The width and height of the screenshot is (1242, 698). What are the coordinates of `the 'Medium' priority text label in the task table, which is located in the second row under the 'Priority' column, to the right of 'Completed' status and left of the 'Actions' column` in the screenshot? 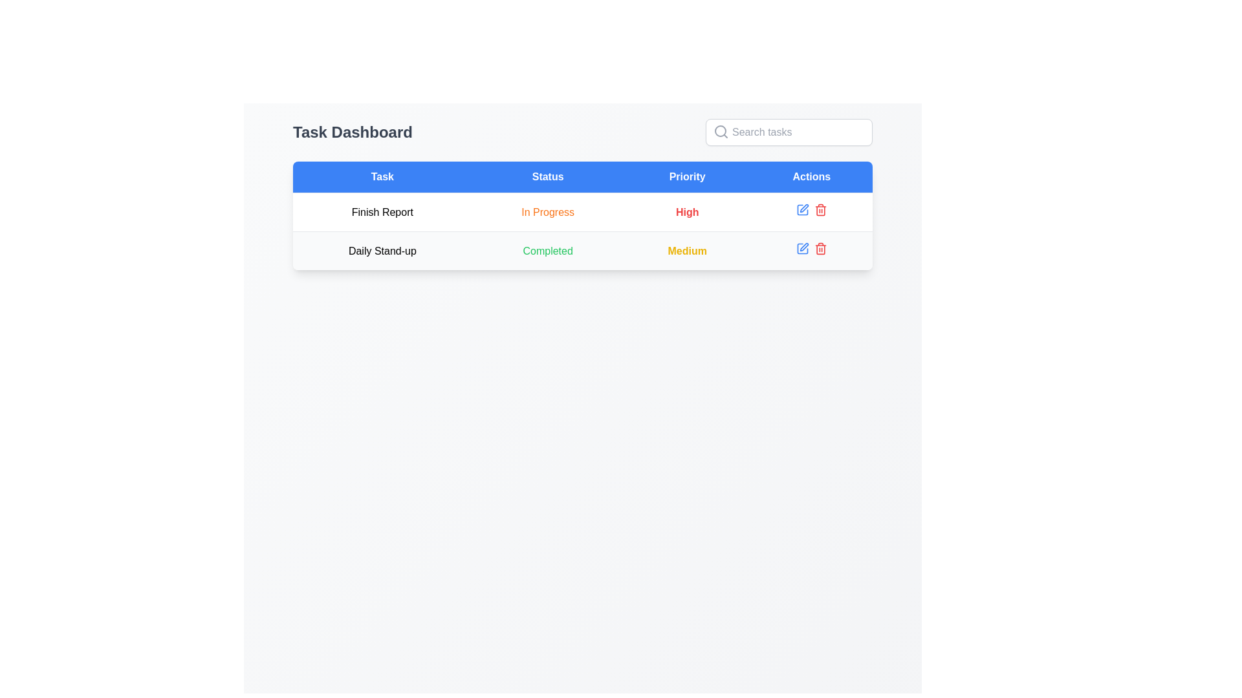 It's located at (686, 251).